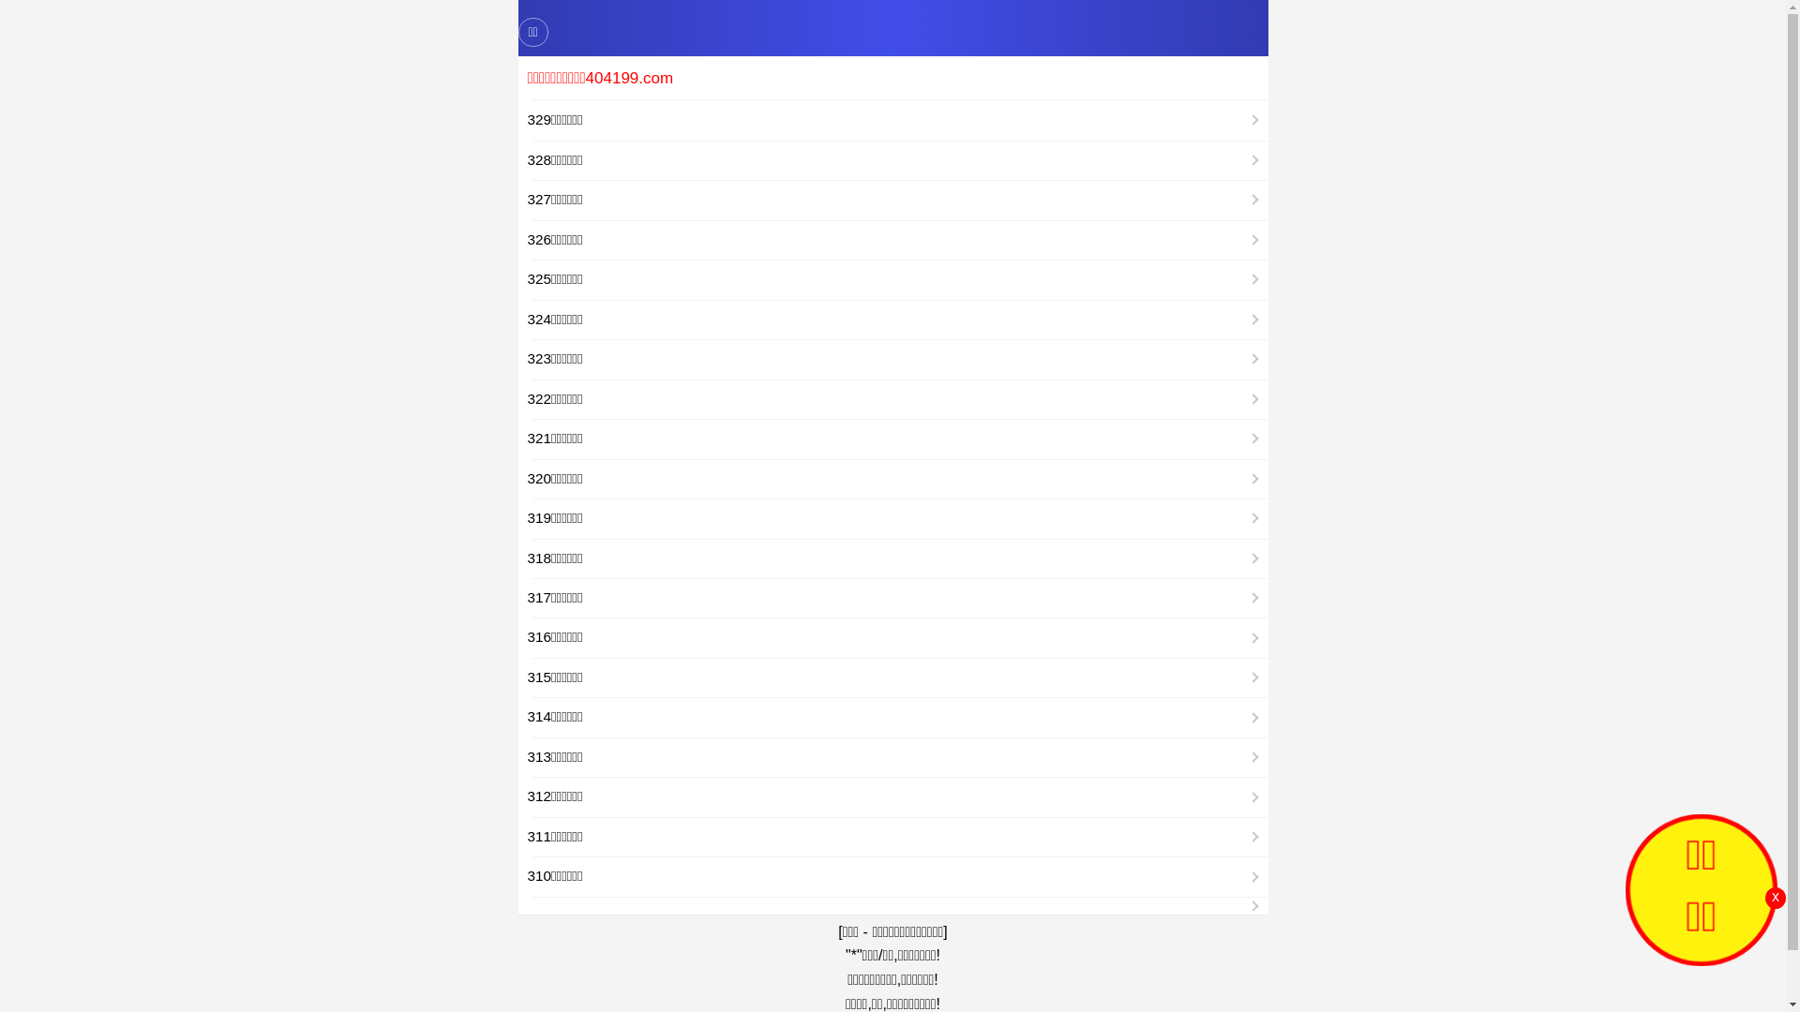 The image size is (1800, 1012). I want to click on 'x', so click(1775, 897).